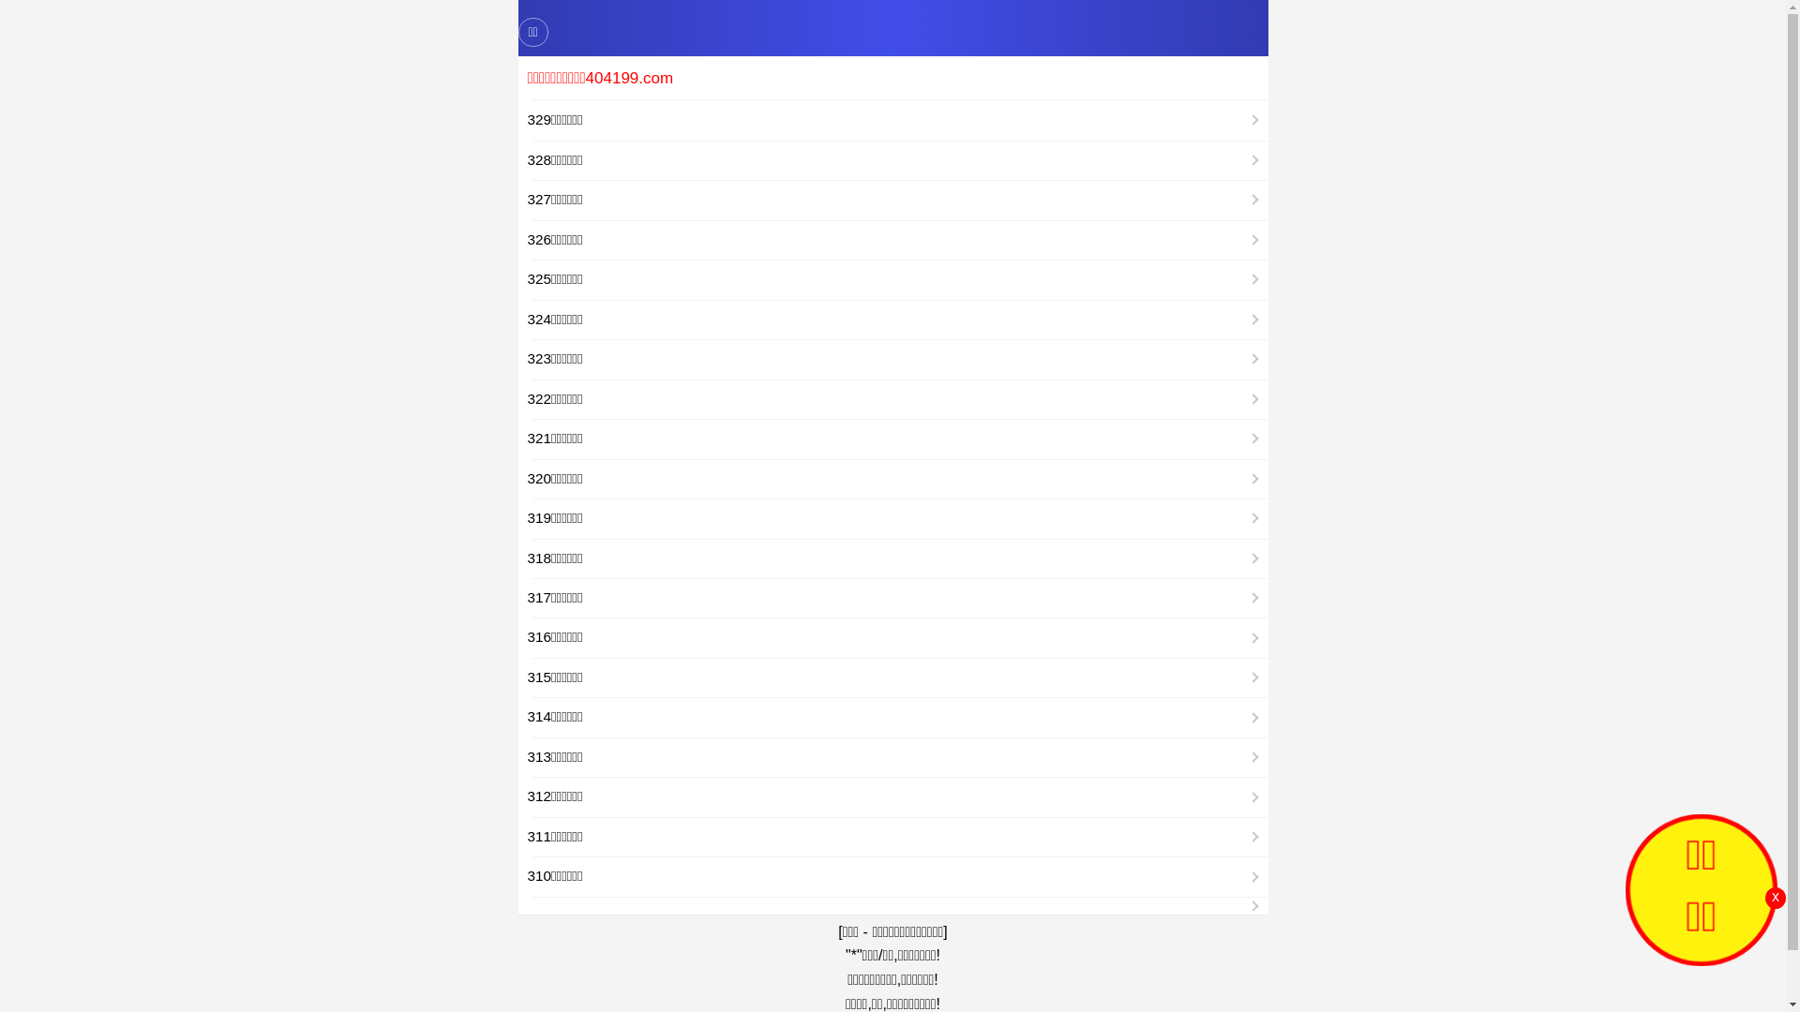 The image size is (1800, 1012). I want to click on 'x', so click(1775, 897).